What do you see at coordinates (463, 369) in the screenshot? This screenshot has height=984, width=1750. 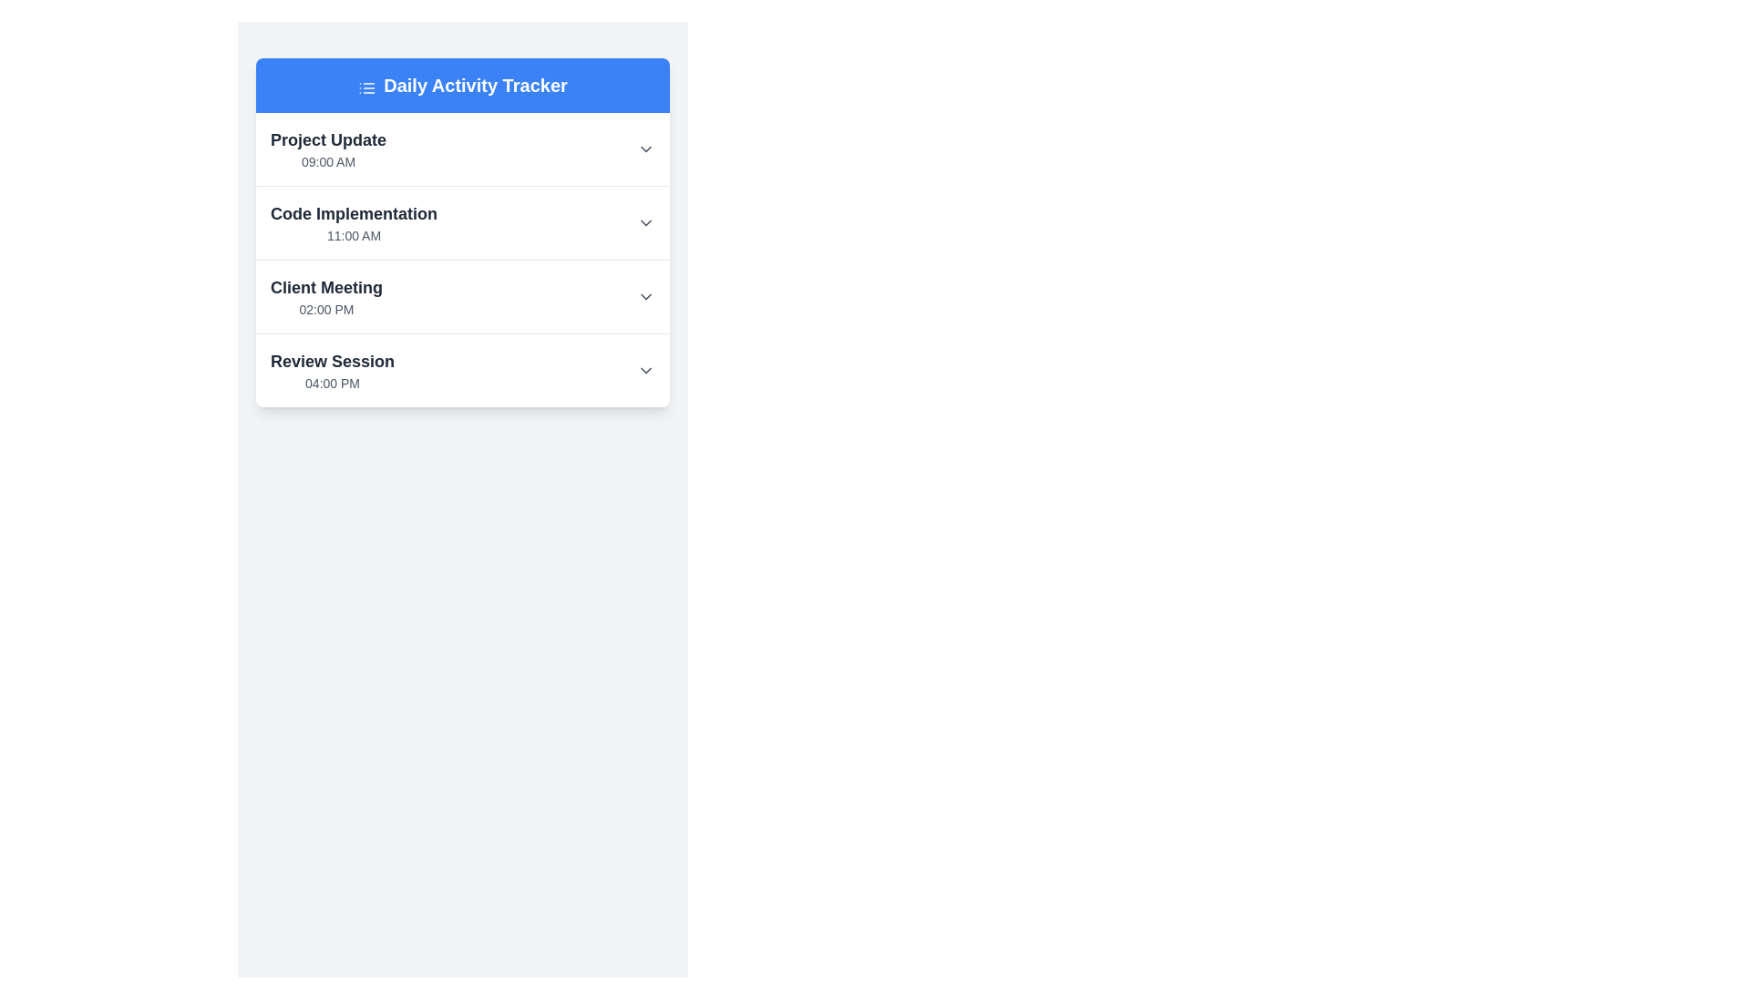 I see `the fourth list item titled 'Review Session' with time '04:00 PM'` at bounding box center [463, 369].